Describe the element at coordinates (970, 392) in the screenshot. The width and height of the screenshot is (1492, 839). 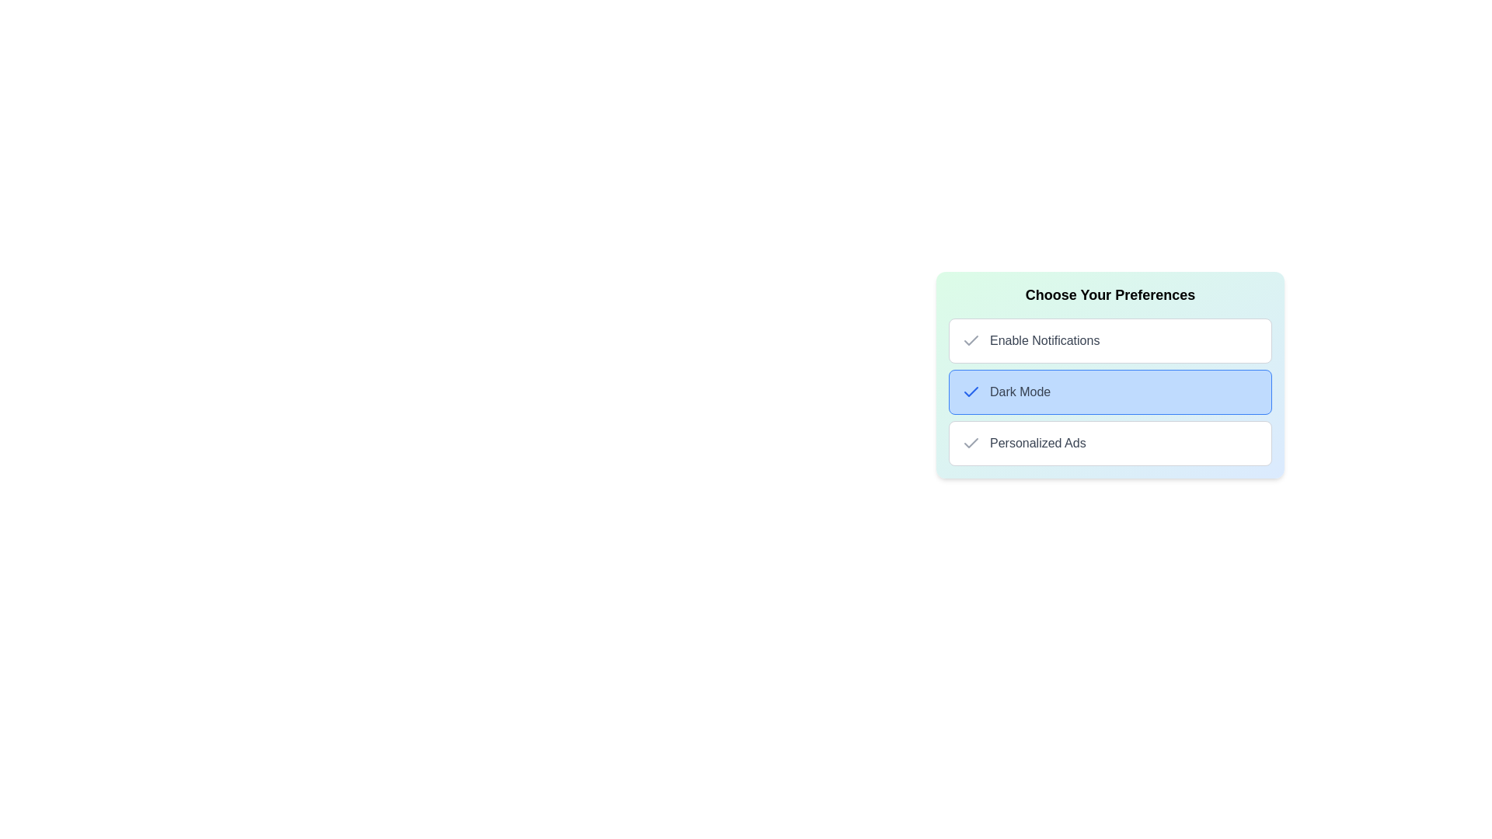
I see `small blue checkmark icon that appears before the 'Dark Mode' option in the list of preferences` at that location.